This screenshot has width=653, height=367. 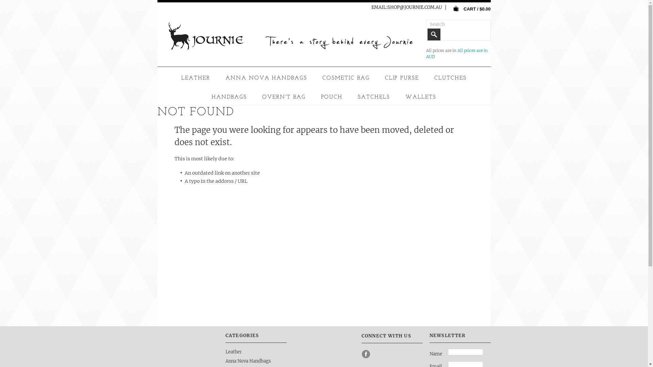 What do you see at coordinates (456, 8) in the screenshot?
I see `'View Cart'` at bounding box center [456, 8].